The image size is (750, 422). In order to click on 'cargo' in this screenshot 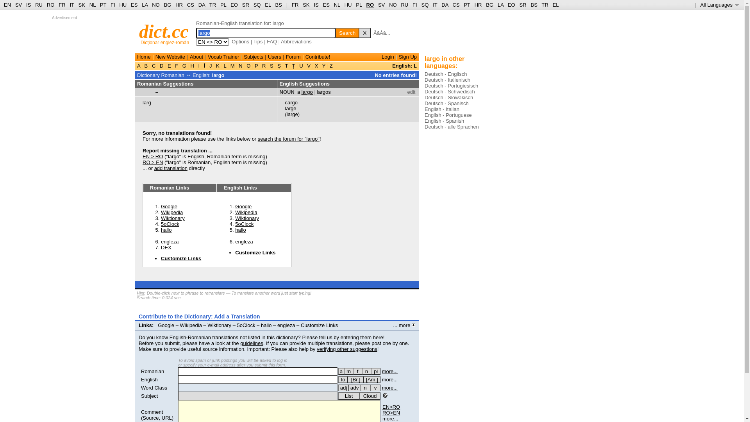, I will do `click(291, 102)`.